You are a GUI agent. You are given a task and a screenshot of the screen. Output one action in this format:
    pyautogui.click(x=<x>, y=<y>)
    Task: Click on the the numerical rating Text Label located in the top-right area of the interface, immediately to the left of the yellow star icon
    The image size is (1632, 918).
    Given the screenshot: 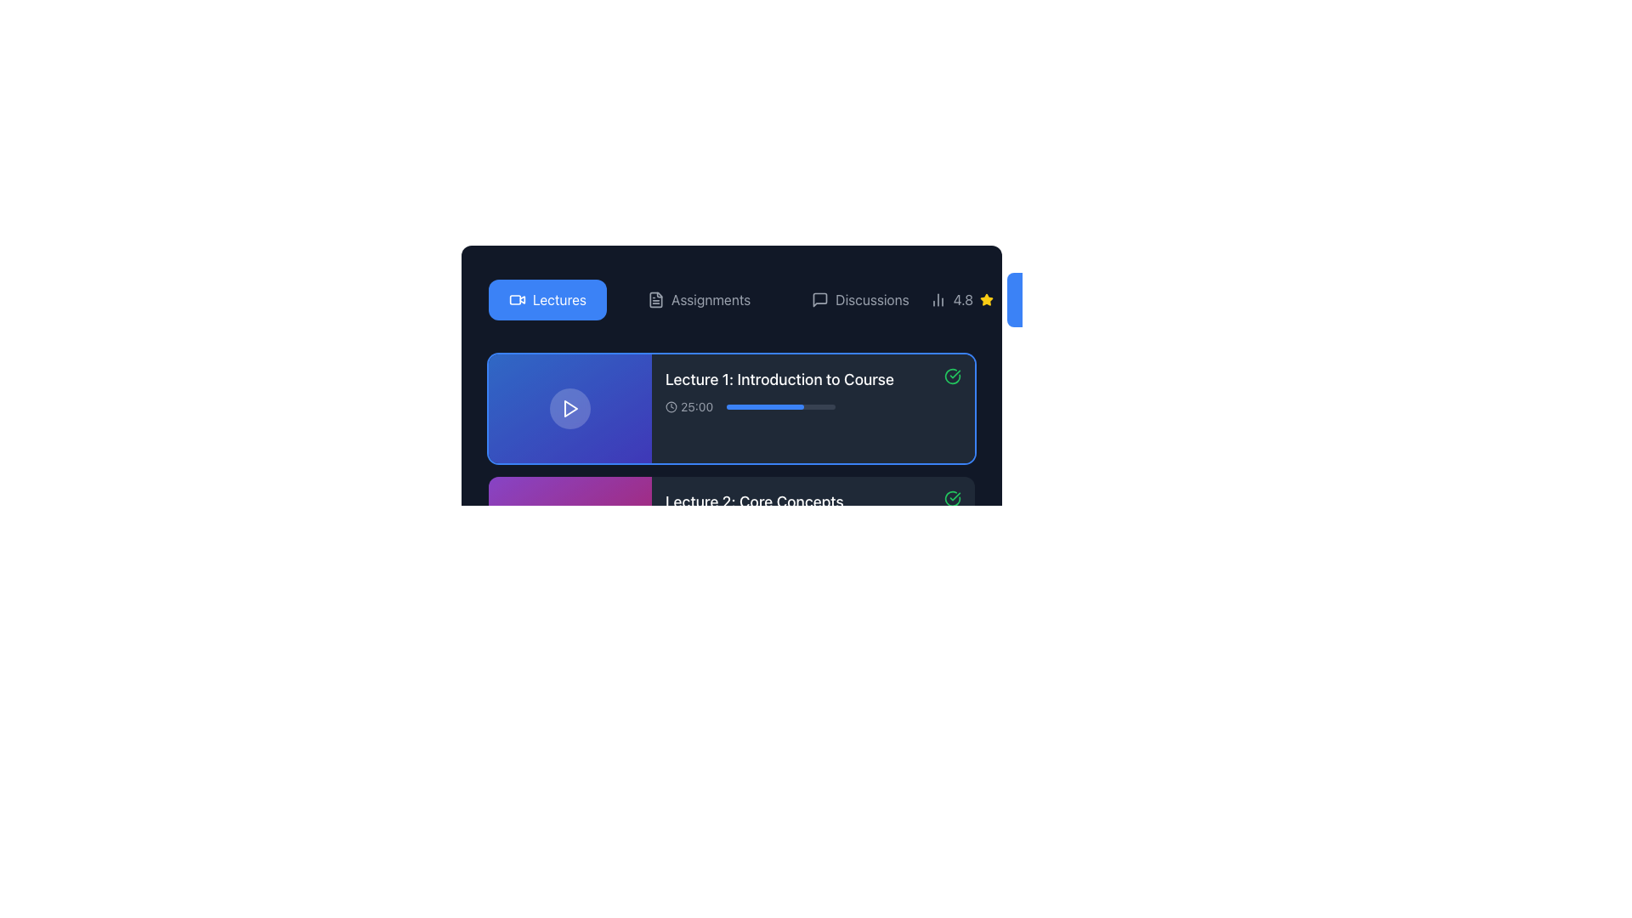 What is the action you would take?
    pyautogui.click(x=963, y=299)
    